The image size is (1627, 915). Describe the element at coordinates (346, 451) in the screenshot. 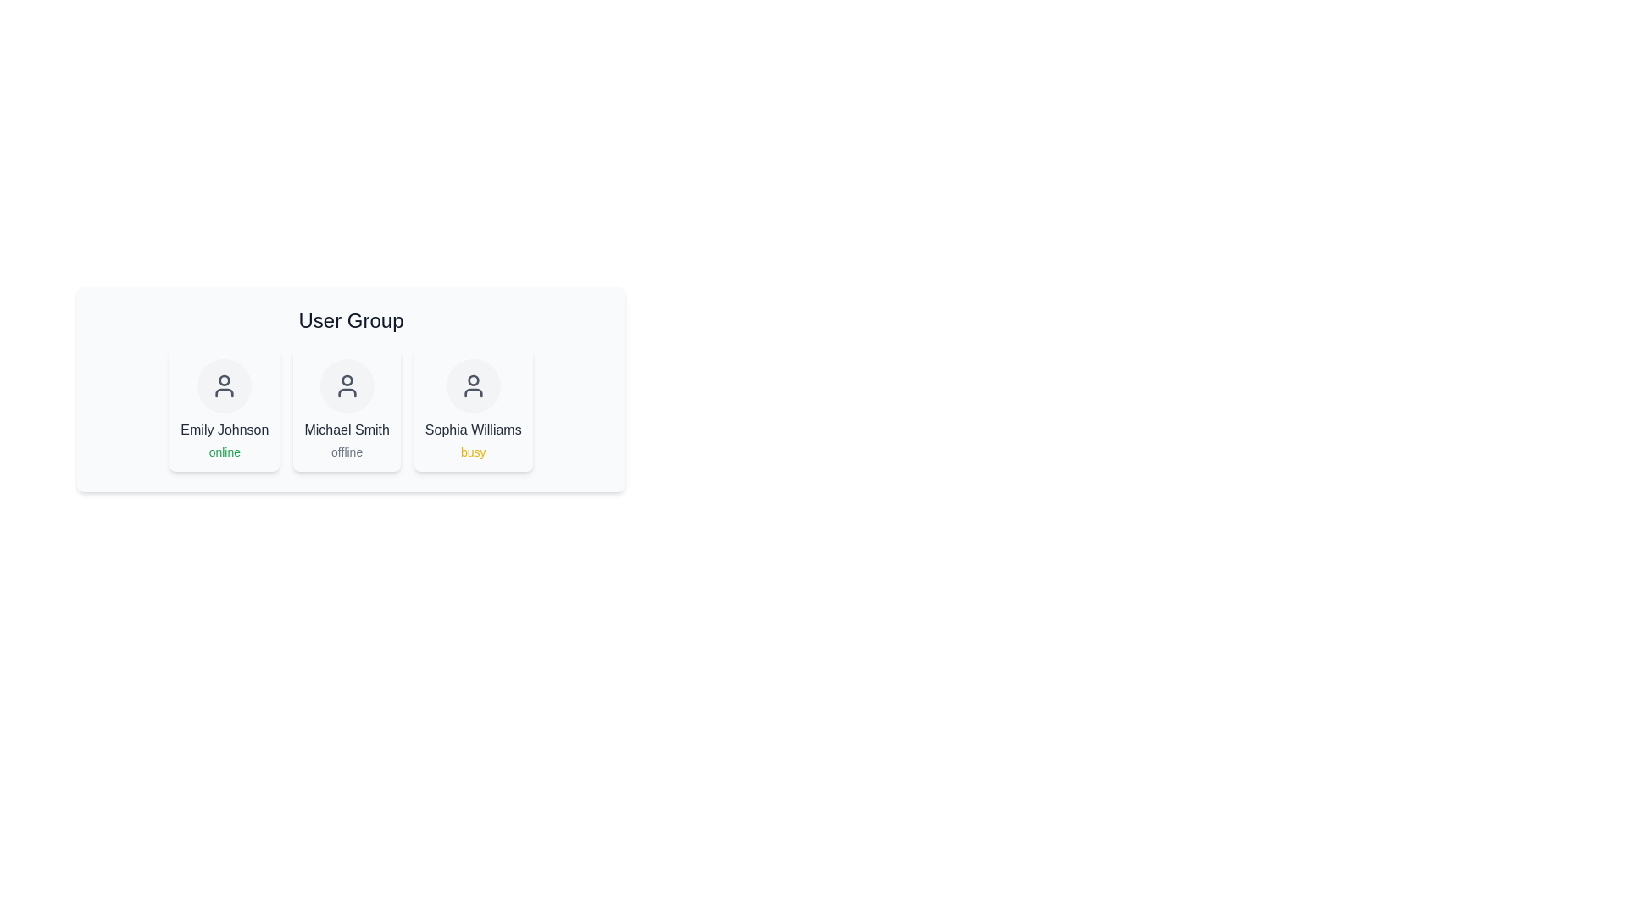

I see `text label indicating the current status of Michael Smith, which shows that he is offline` at that location.